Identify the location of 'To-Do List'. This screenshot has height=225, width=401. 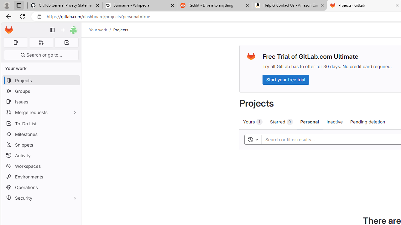
(41, 123).